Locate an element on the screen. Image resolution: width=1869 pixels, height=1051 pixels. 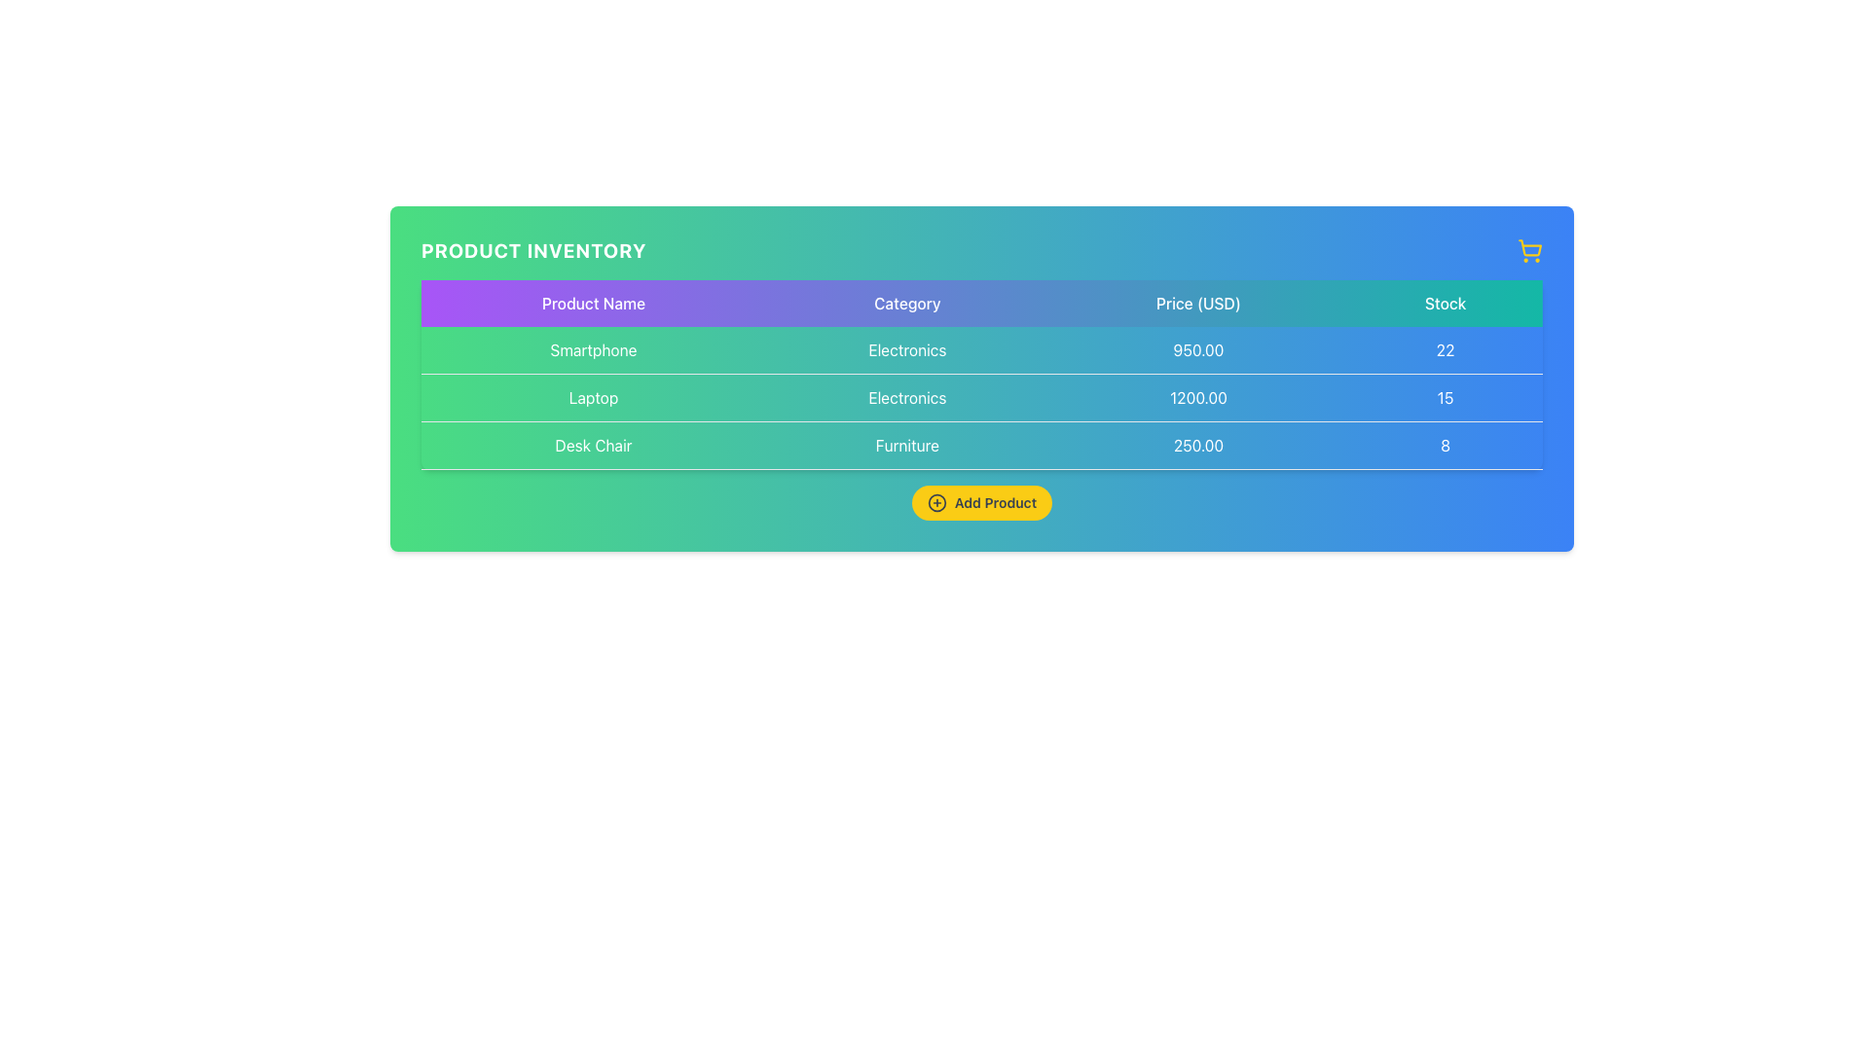
the 'Electronics' text label indicating the category of the 'Laptop' product in the inventory table is located at coordinates (906, 396).